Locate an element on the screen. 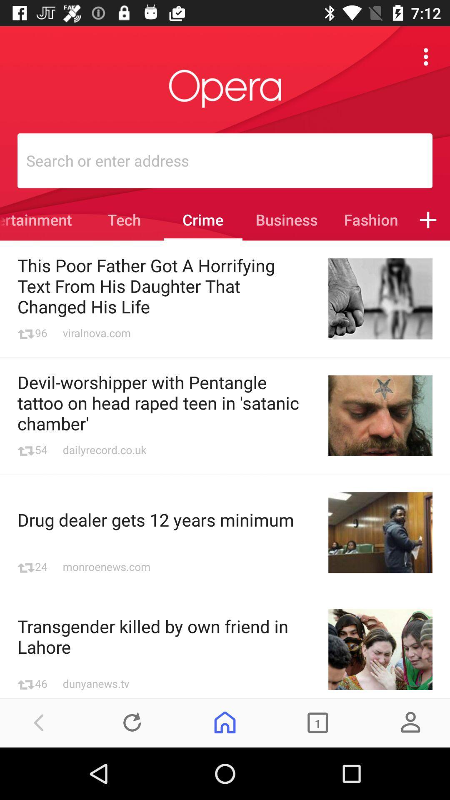 The image size is (450, 800). the avatar icon is located at coordinates (410, 722).